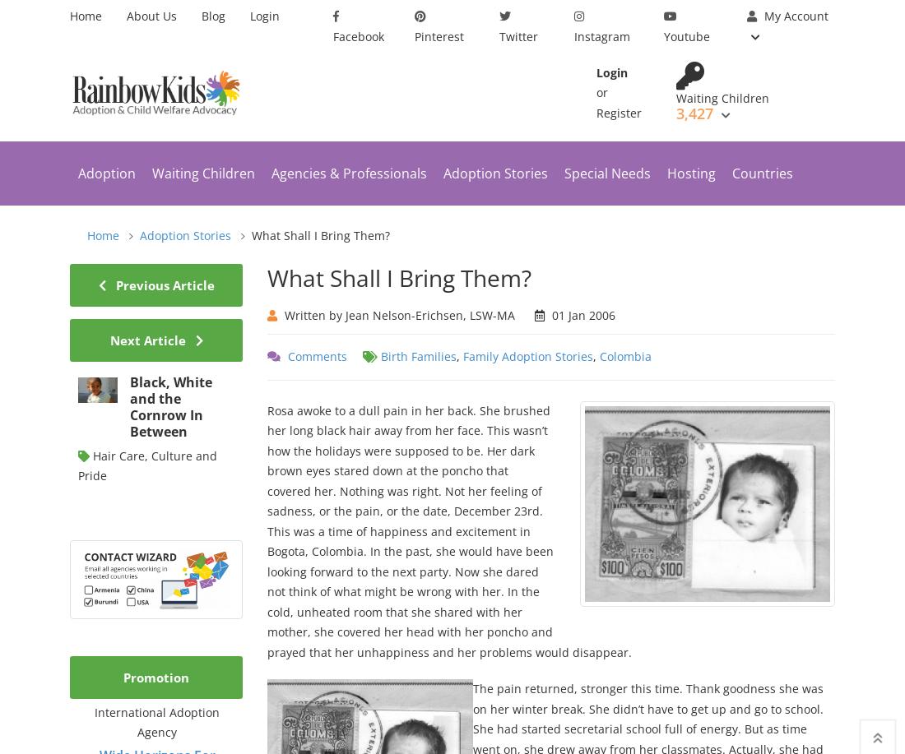  Describe the element at coordinates (438, 35) in the screenshot. I see `'Pinterest'` at that location.